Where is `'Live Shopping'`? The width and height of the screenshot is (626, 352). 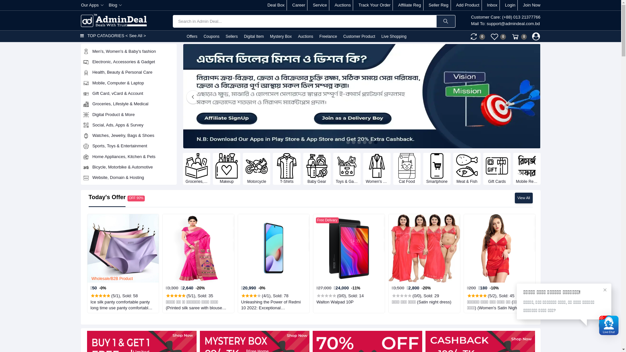
'Live Shopping' is located at coordinates (393, 36).